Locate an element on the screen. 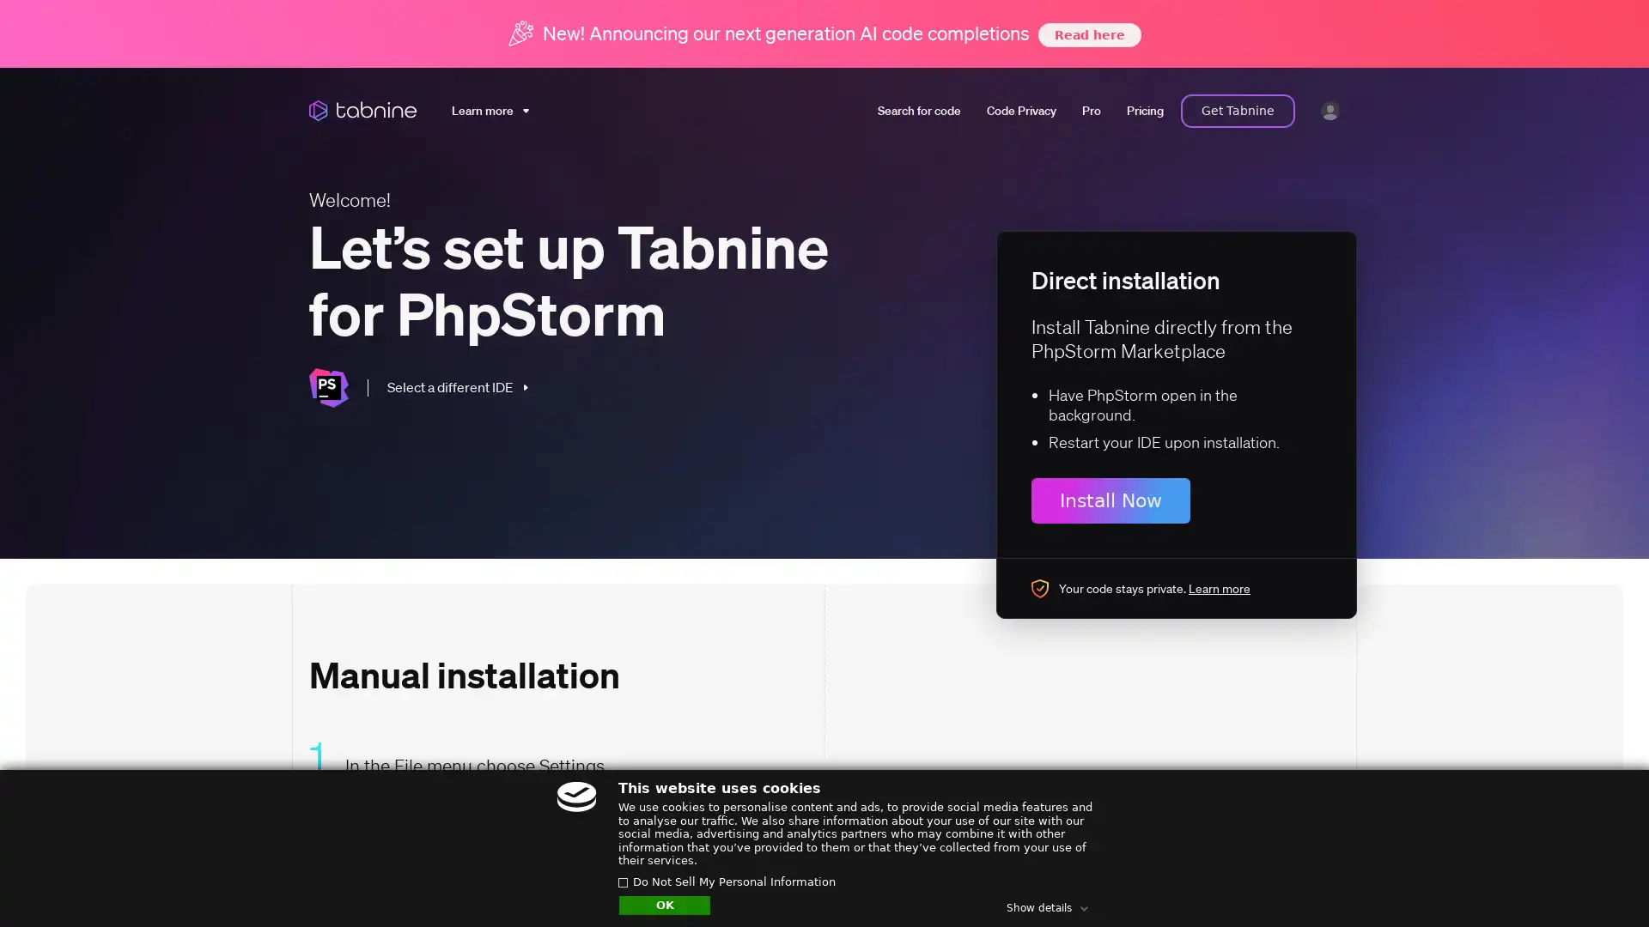 The width and height of the screenshot is (1649, 927). Read here is located at coordinates (1087, 33).